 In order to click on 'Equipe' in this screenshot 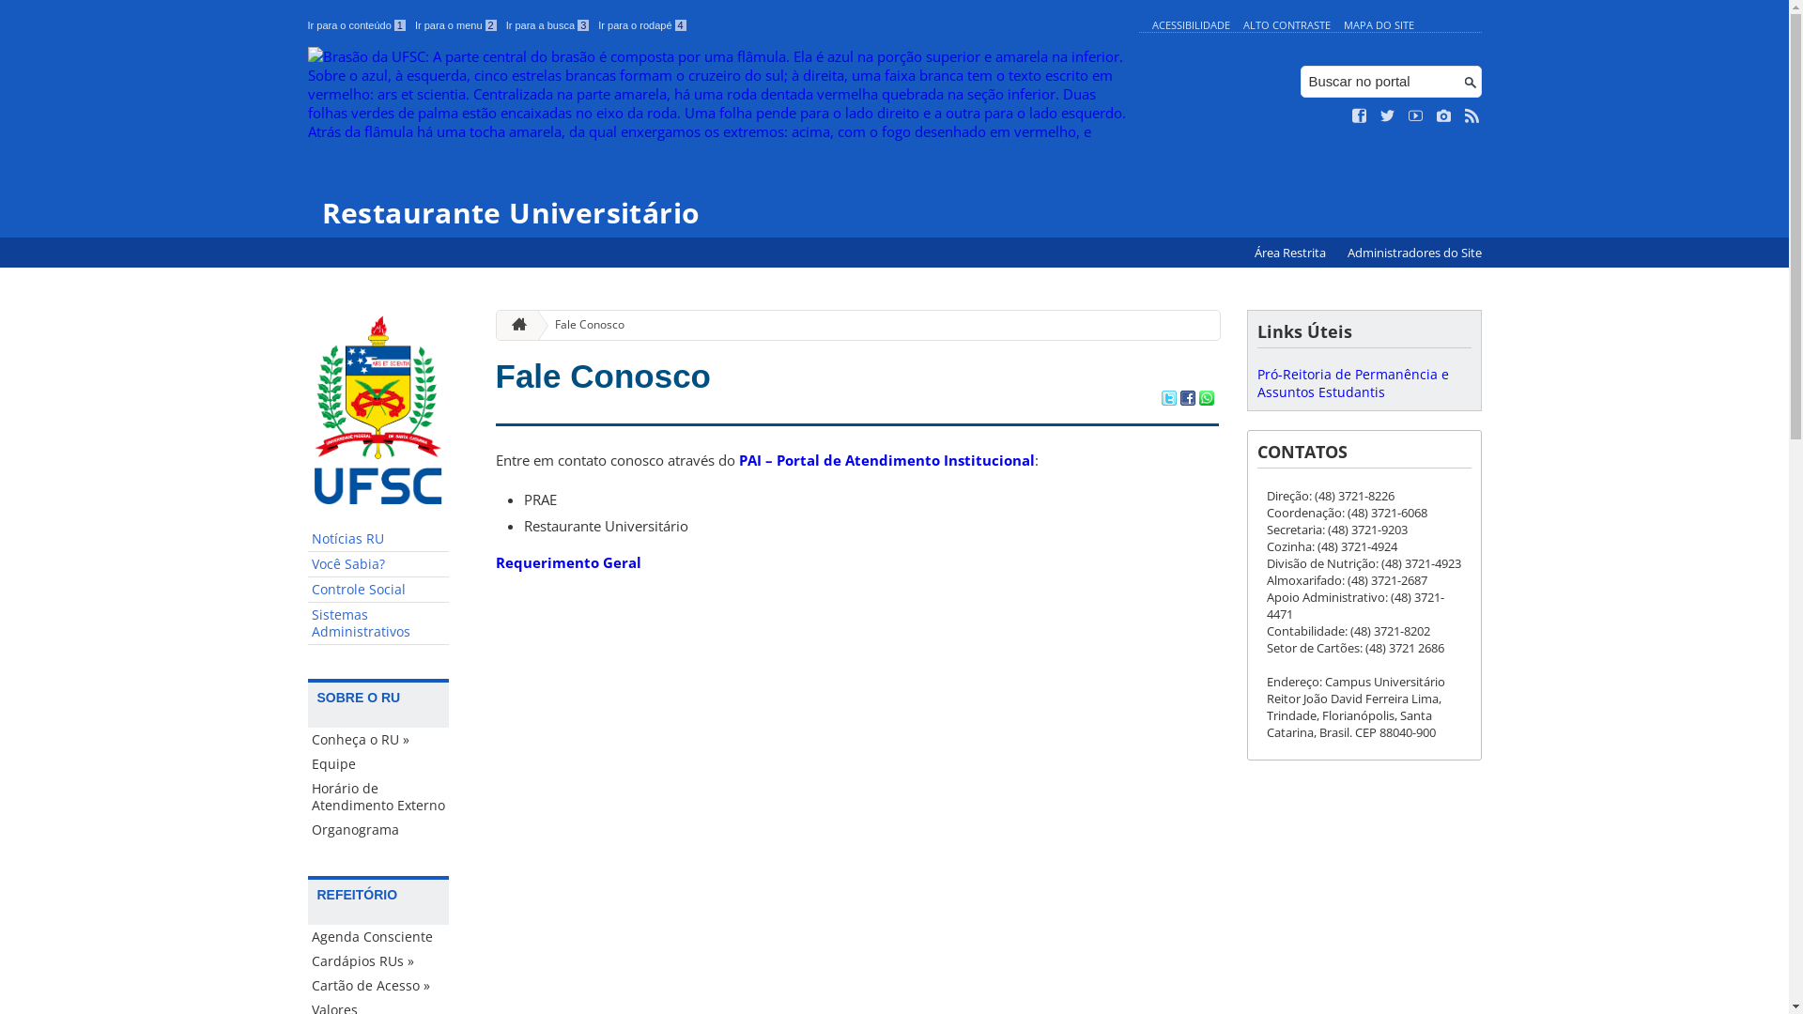, I will do `click(307, 763)`.